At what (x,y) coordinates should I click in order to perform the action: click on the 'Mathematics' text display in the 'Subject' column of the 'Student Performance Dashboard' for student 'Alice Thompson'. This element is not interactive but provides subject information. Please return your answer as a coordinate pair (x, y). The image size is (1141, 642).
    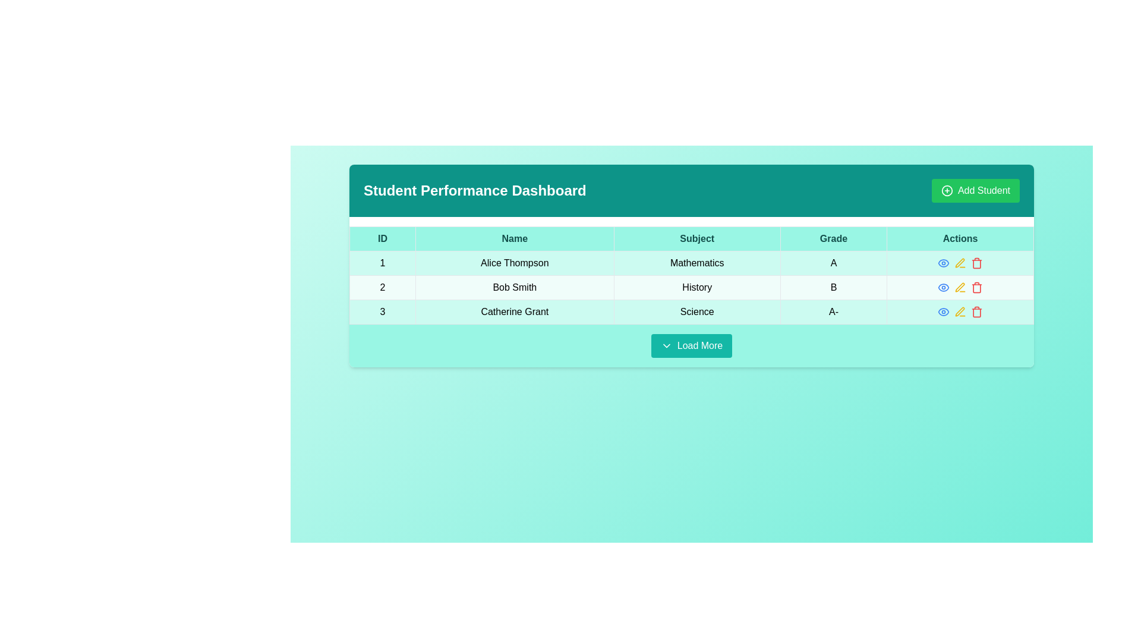
    Looking at the image, I should click on (697, 263).